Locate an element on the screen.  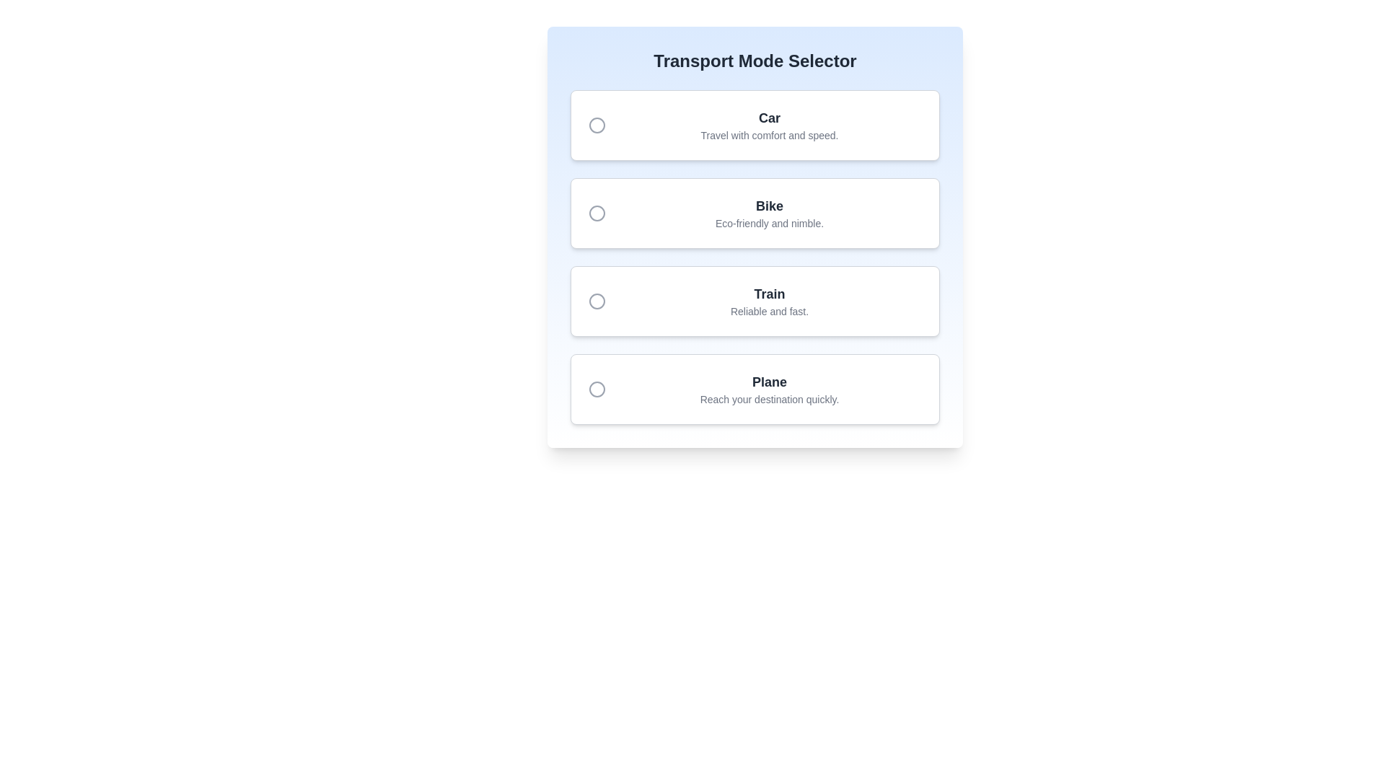
the circular outline styled with a thin gray stroke, located next to the 'Plane' label in the vertical list of transport modes is located at coordinates (597, 389).